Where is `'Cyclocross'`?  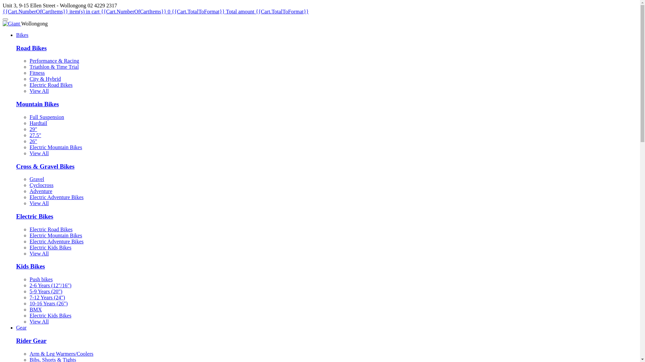
'Cyclocross' is located at coordinates (41, 185).